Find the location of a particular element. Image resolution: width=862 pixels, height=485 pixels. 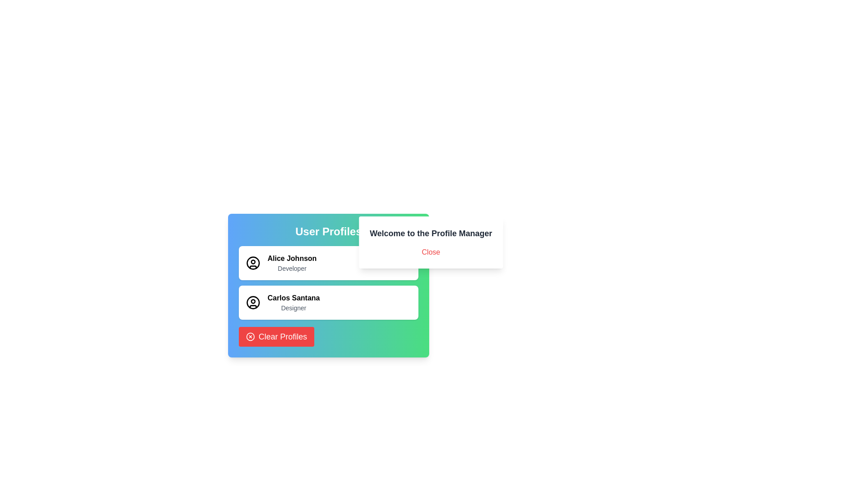

the header text label of the modal, which provides context about the modal's purpose is located at coordinates (431, 233).